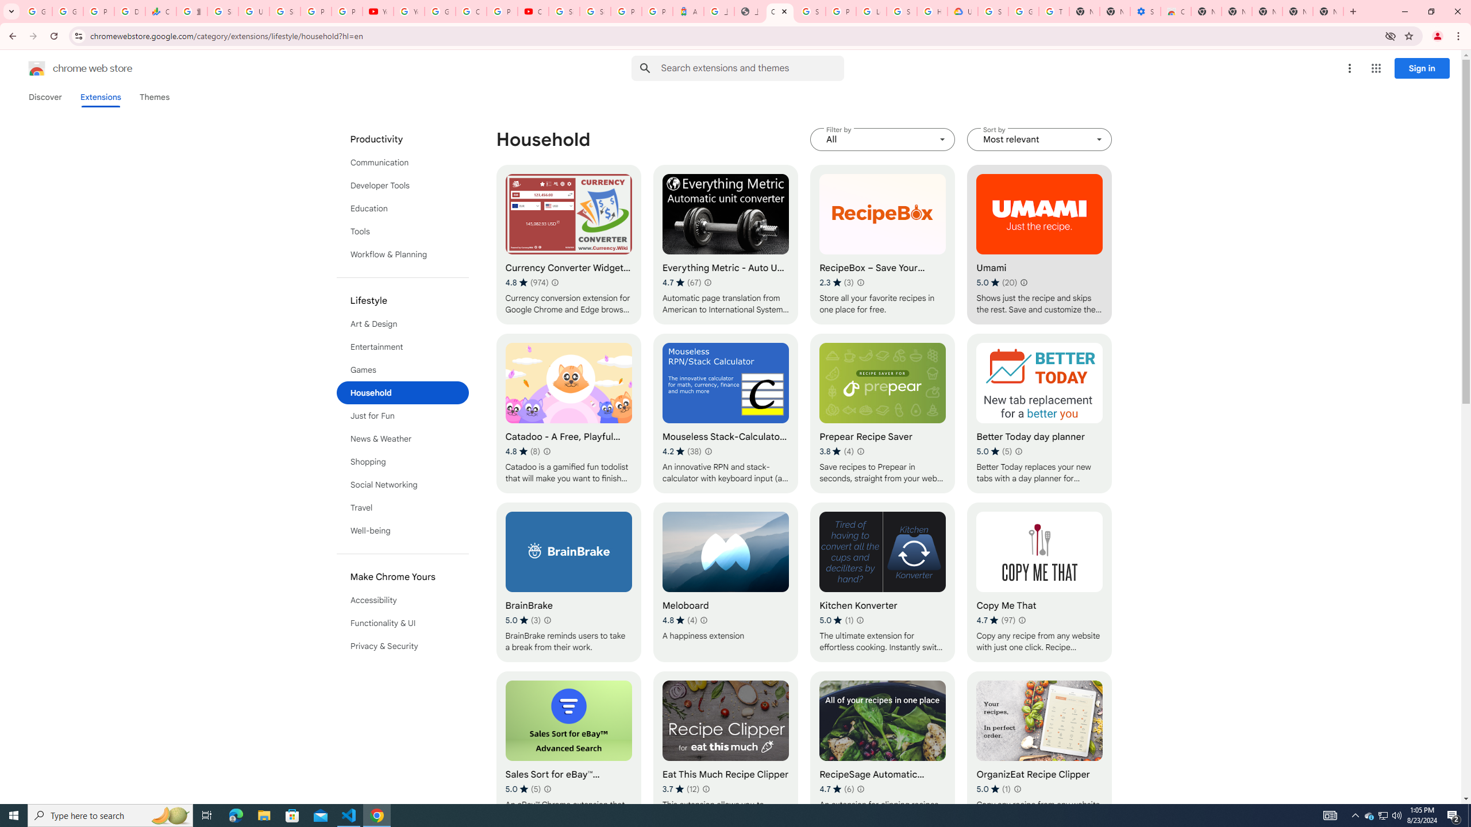 This screenshot has width=1471, height=827. Describe the element at coordinates (726, 244) in the screenshot. I see `'Everything Metric - Auto Unit Converter'` at that location.